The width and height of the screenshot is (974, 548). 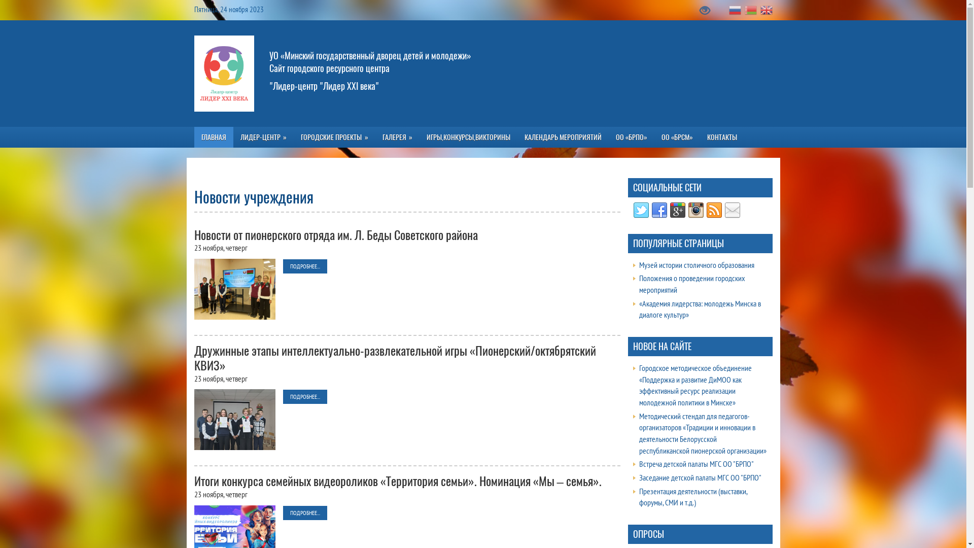 What do you see at coordinates (659, 209) in the screenshot?
I see `'Facebook'` at bounding box center [659, 209].